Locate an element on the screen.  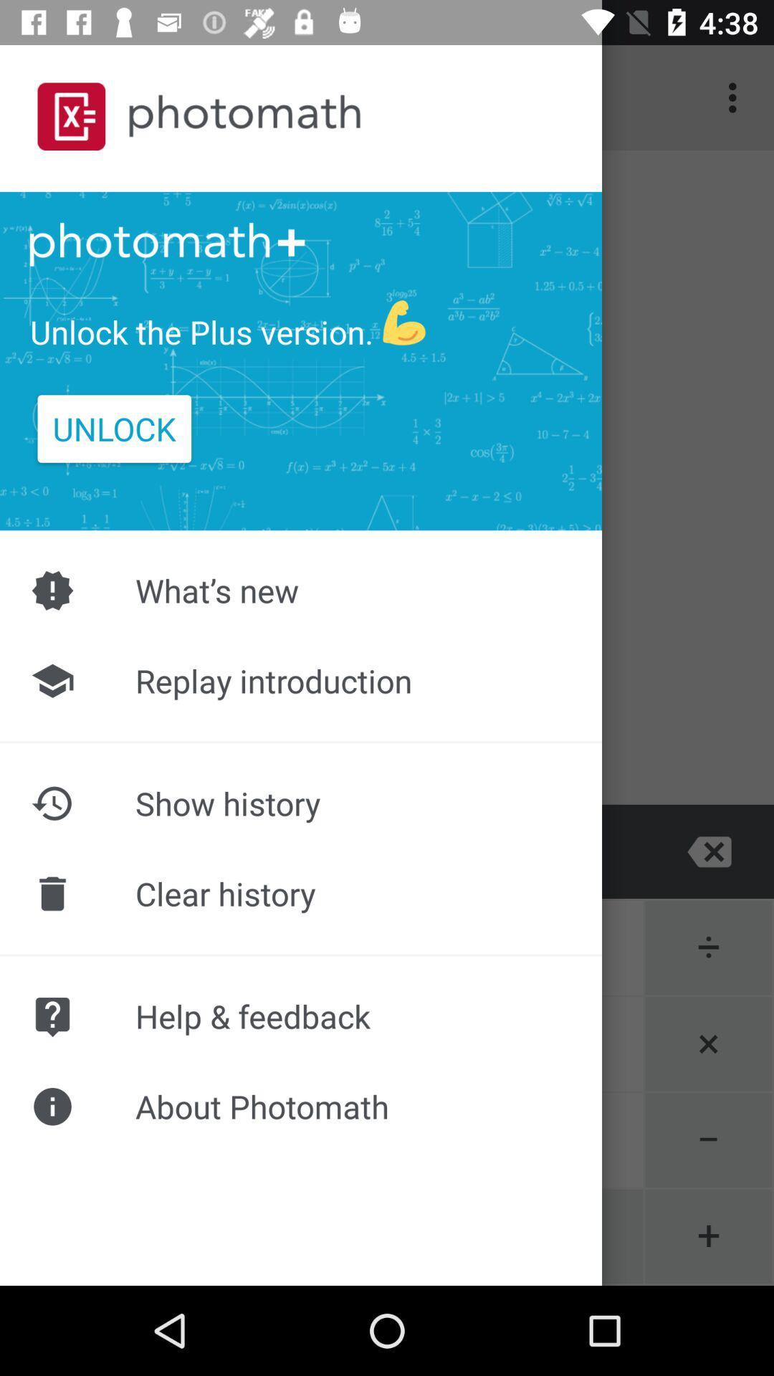
the close icon is located at coordinates (709, 851).